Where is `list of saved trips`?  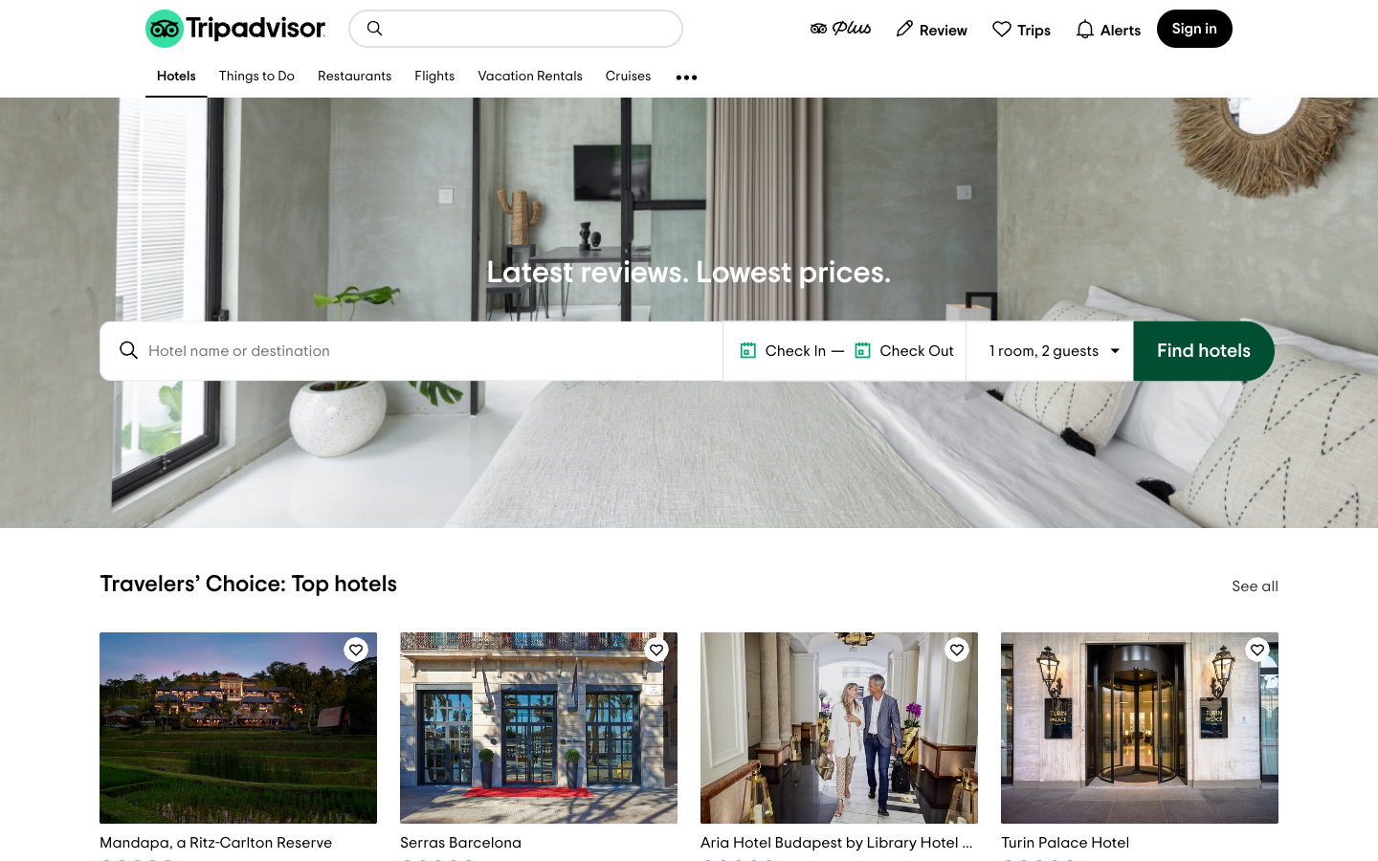
list of saved trips is located at coordinates (1021, 27).